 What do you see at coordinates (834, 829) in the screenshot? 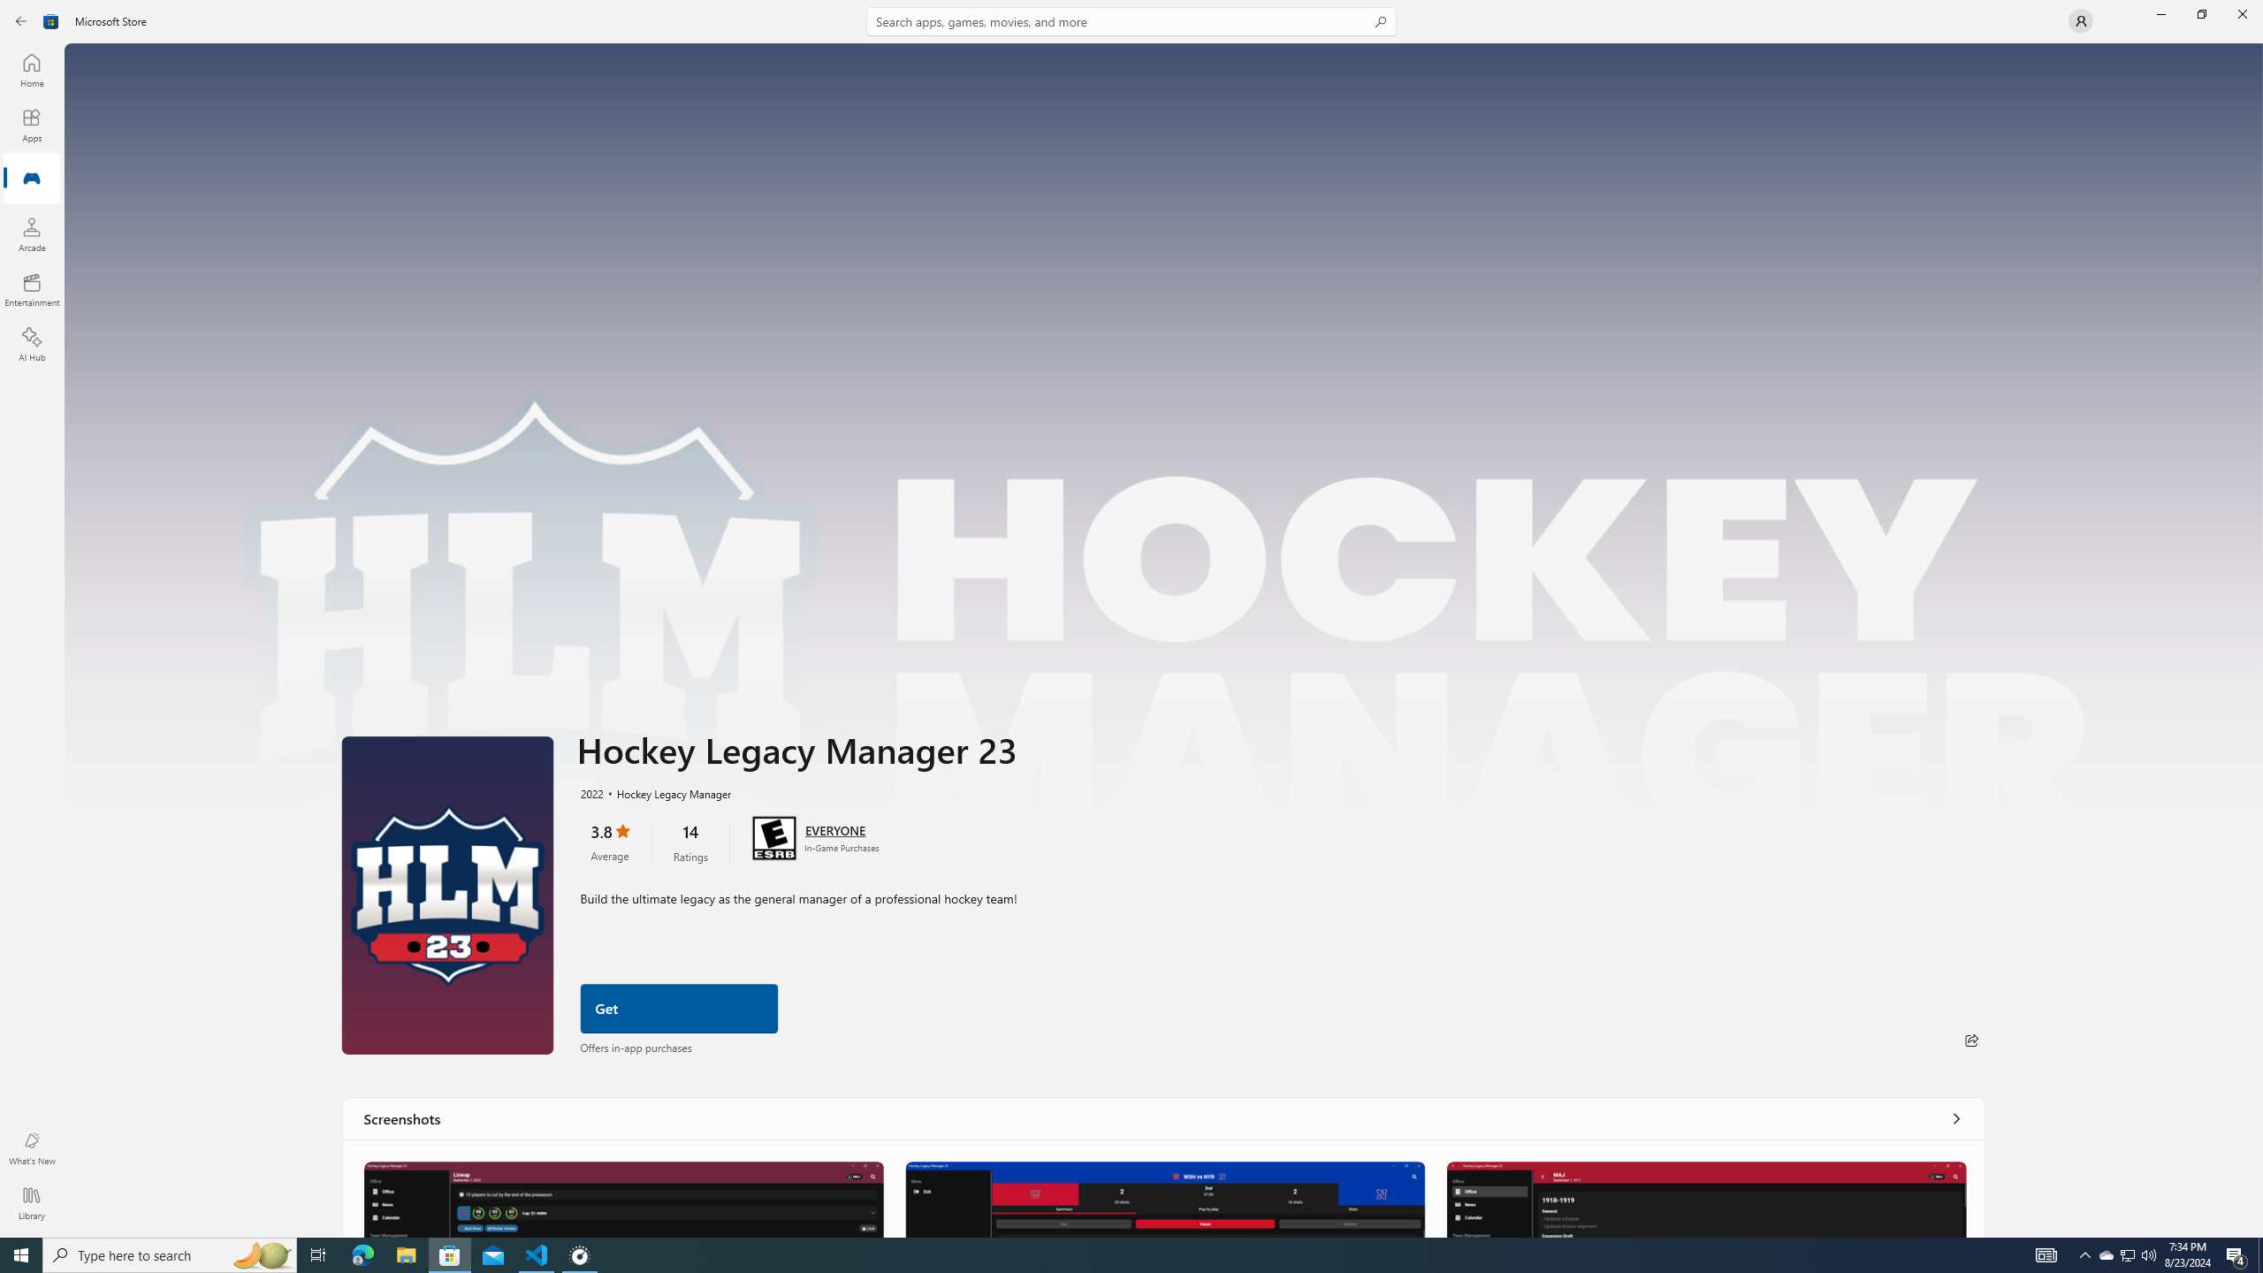
I see `'Age rating: EVERYONE. Click for more information.'` at bounding box center [834, 829].